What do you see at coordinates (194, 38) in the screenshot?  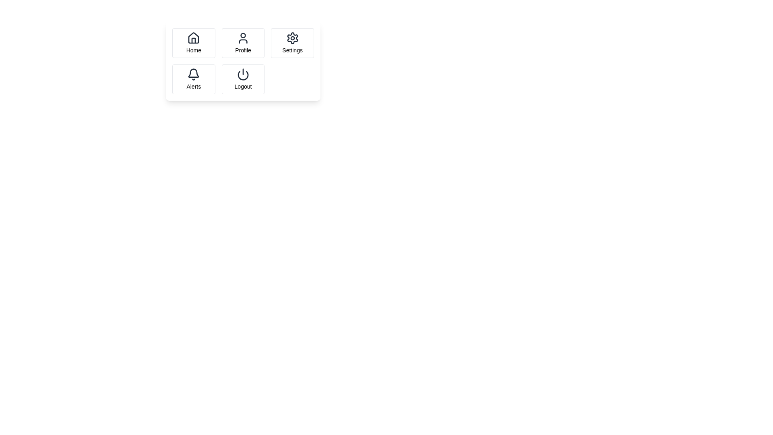 I see `the home navigation icon located in the top-left of the grid layout, which redirects to the main dashboard` at bounding box center [194, 38].